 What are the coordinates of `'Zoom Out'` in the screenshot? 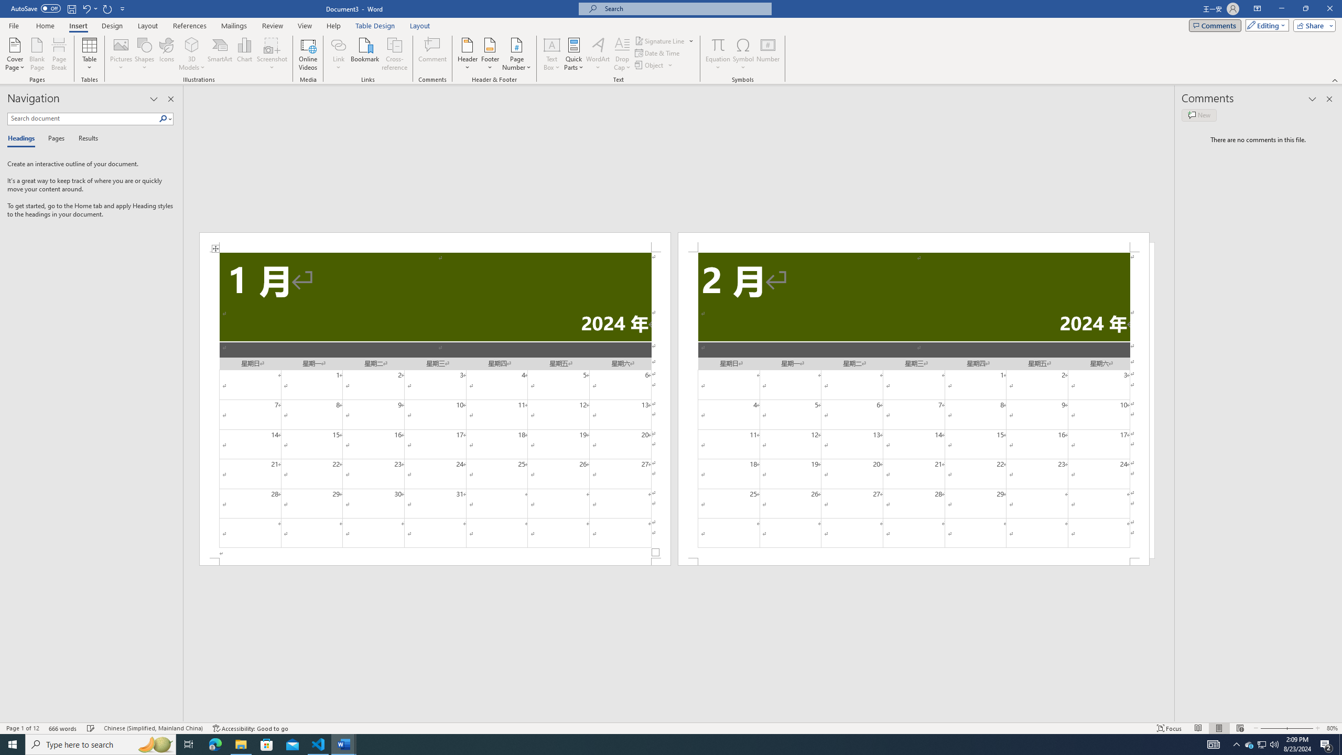 It's located at (1270, 728).